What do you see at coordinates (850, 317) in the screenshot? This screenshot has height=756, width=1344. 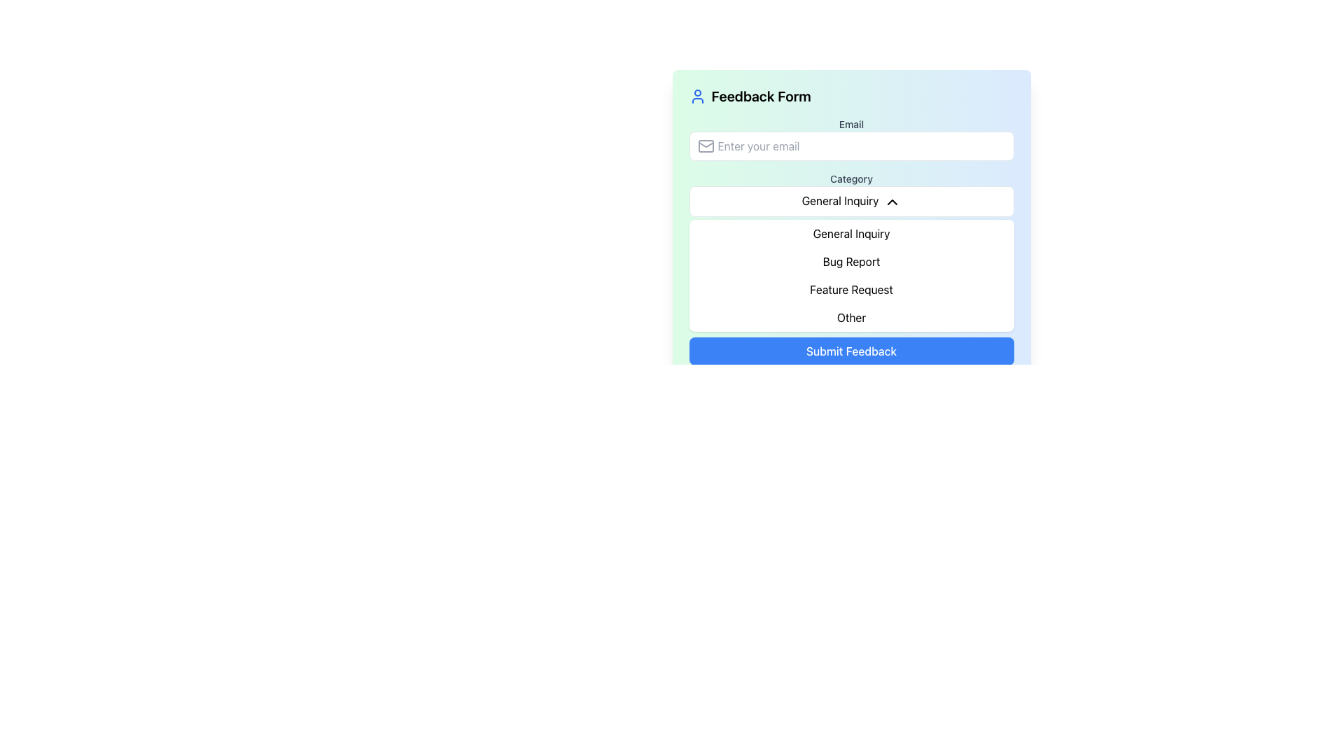 I see `the 'Other' dropdown menu item in the 'Category' section of the form` at bounding box center [850, 317].